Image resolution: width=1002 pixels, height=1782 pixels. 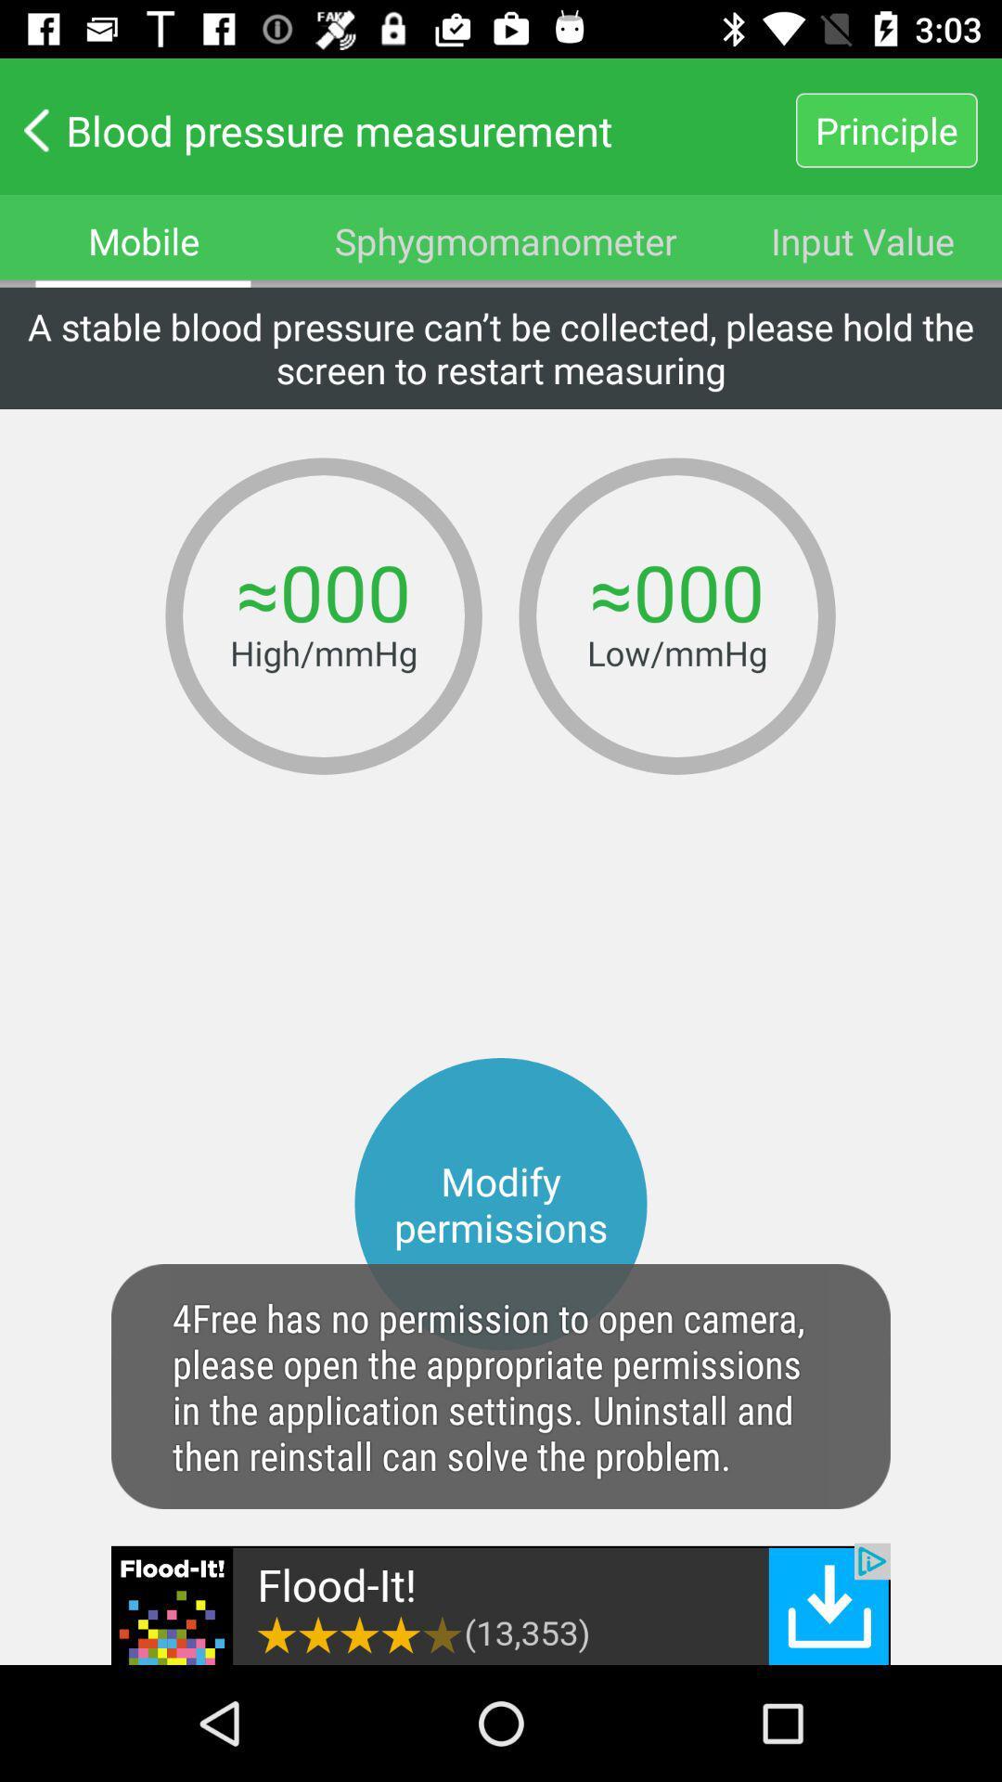 What do you see at coordinates (886, 129) in the screenshot?
I see `the text principle which is top left side of the page` at bounding box center [886, 129].